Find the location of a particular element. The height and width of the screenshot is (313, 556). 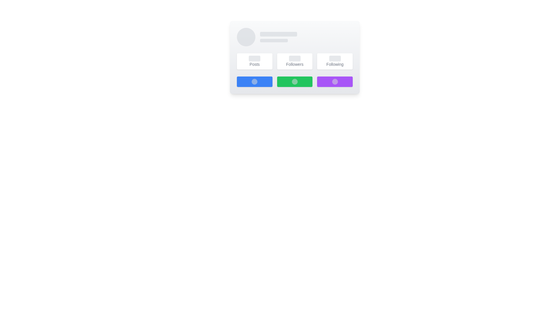

the visual indicator or decorative circle located within the blue button at the bottom-left of the button group beneath the 'Posts' section is located at coordinates (255, 81).